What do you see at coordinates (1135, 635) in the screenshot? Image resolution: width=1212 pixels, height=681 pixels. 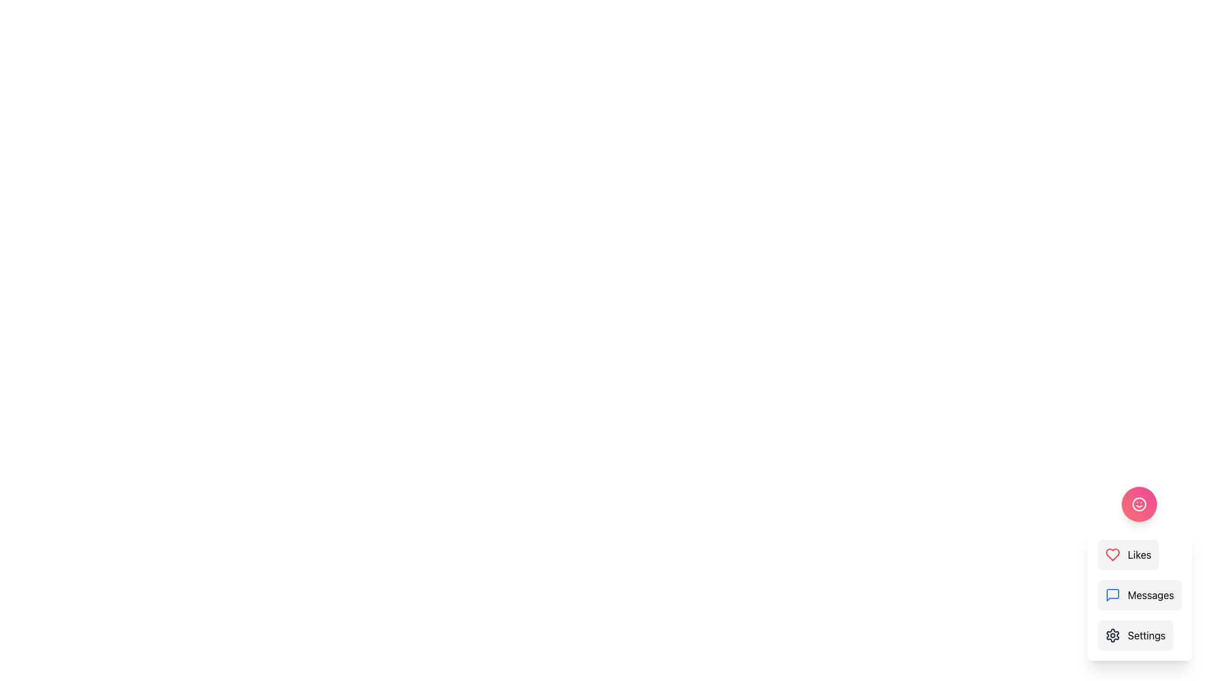 I see `the settings button located below the 'Messages' button in the vertical list` at bounding box center [1135, 635].